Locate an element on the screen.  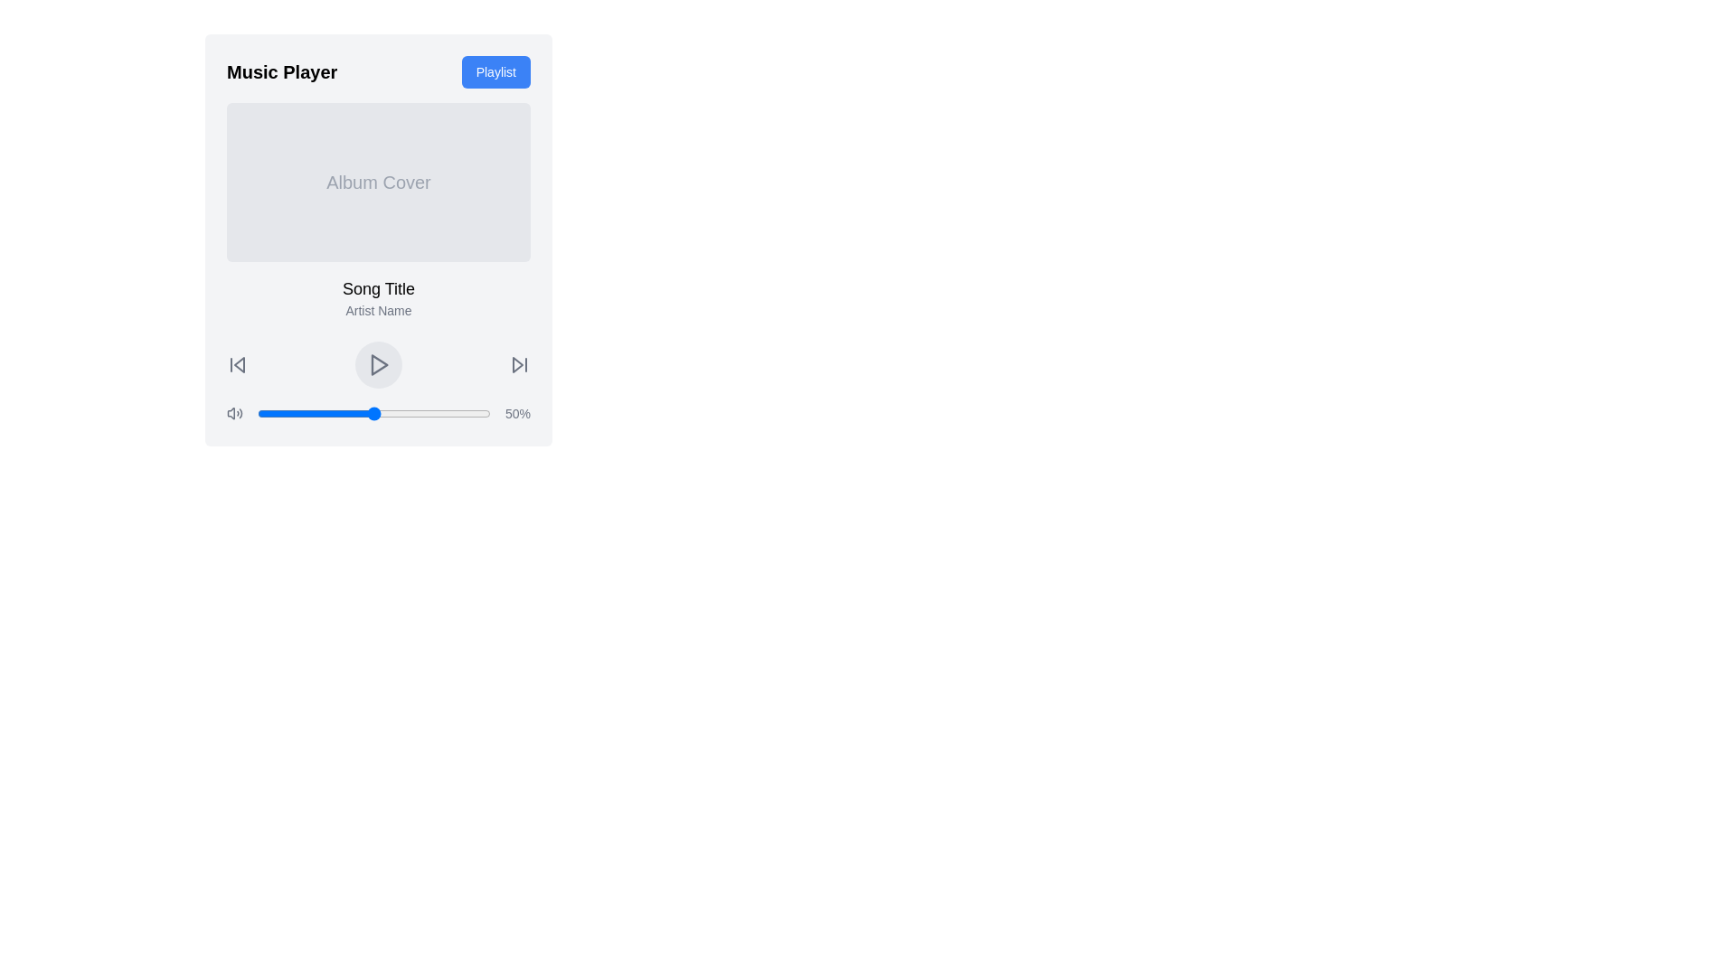
the volume is located at coordinates (448, 414).